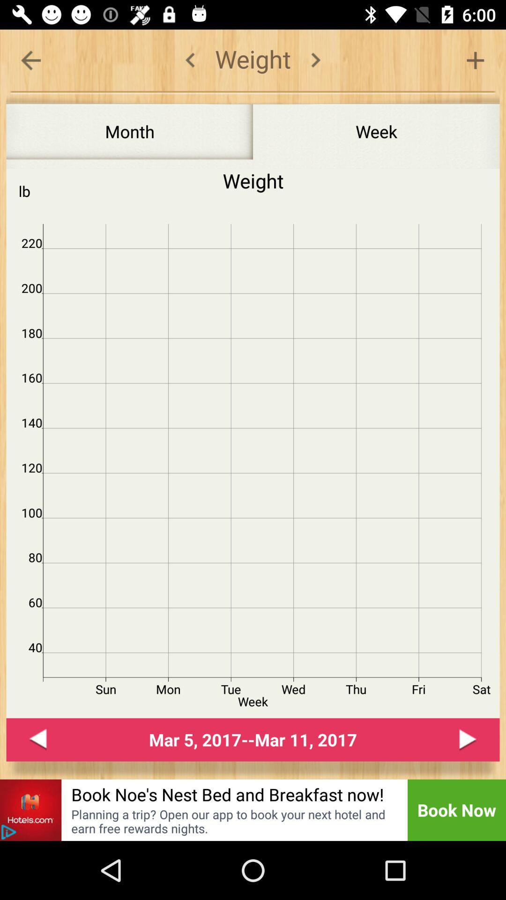 The height and width of the screenshot is (900, 506). Describe the element at coordinates (475, 60) in the screenshot. I see `something` at that location.